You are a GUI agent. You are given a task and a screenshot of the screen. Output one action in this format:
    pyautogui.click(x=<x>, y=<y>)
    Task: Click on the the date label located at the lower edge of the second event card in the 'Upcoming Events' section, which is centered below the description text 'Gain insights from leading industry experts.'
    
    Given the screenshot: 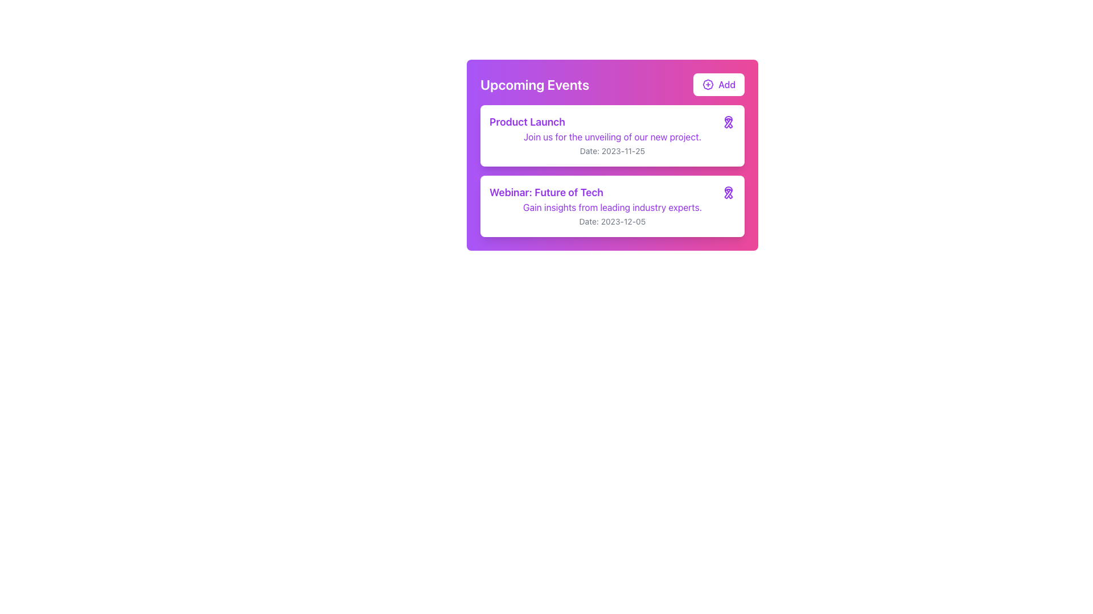 What is the action you would take?
    pyautogui.click(x=611, y=221)
    